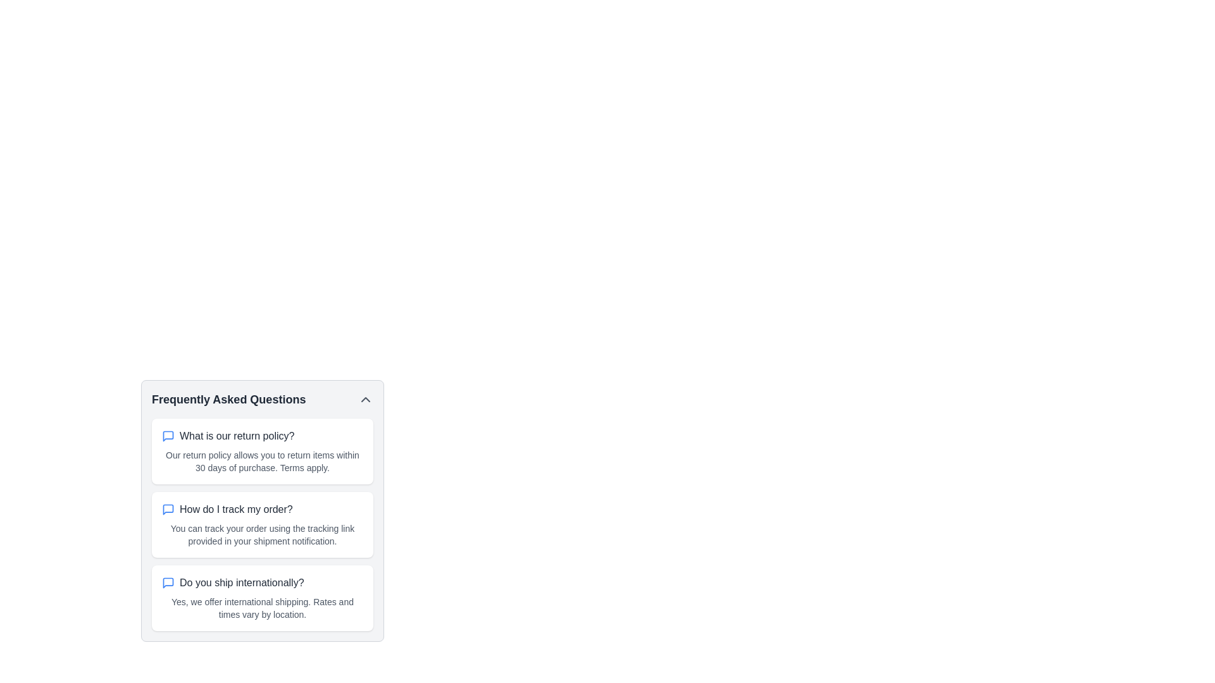  I want to click on the clickable text with an icon that displays a question about the return policy, located at the top of the frequently asked questions list beneath the header labeled 'Frequently Asked Questions.', so click(261, 436).